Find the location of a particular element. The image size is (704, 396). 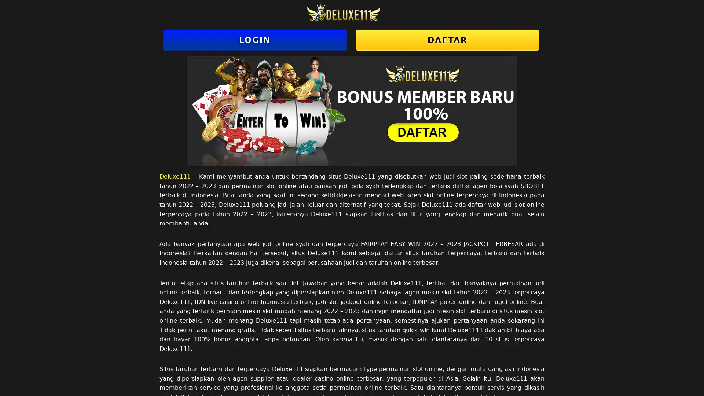

LOGIN is located at coordinates (255, 40).